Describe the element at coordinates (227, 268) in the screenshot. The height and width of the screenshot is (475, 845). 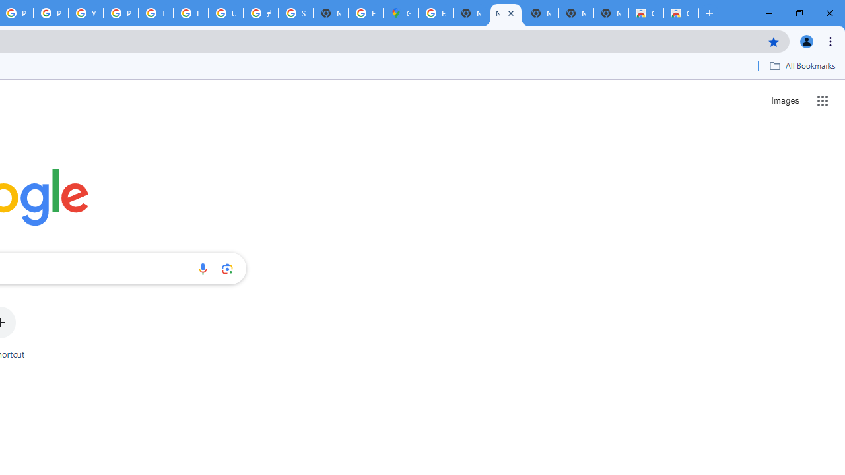
I see `'Search by image'` at that location.